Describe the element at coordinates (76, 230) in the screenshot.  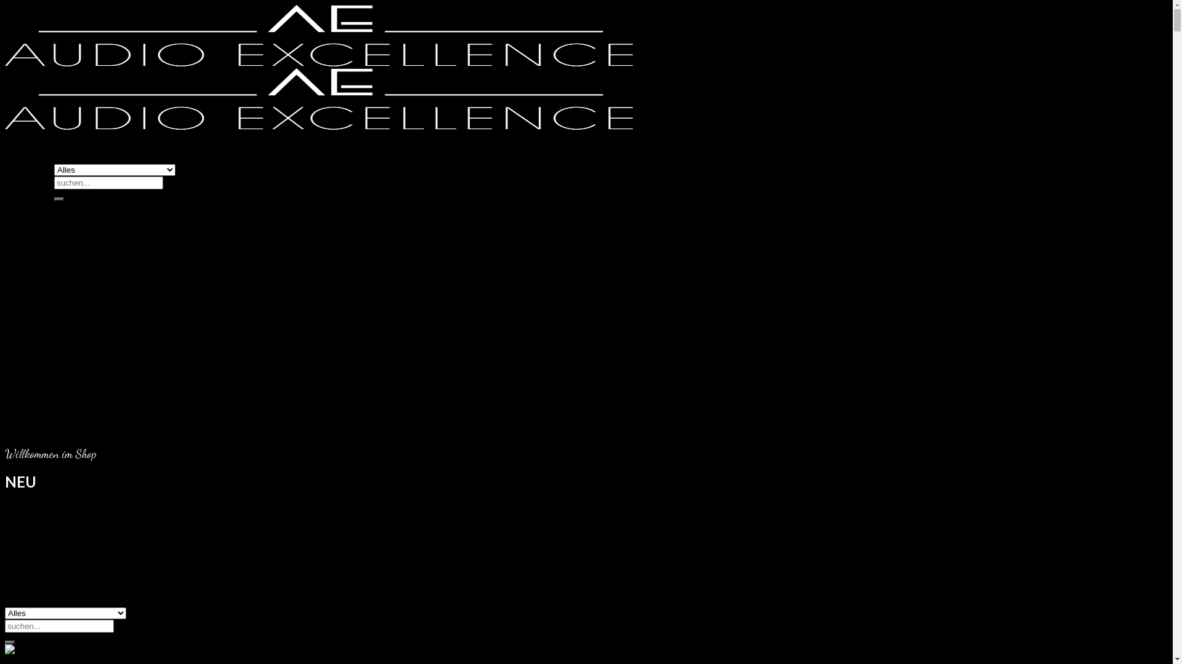
I see `'Gebraucht'` at that location.